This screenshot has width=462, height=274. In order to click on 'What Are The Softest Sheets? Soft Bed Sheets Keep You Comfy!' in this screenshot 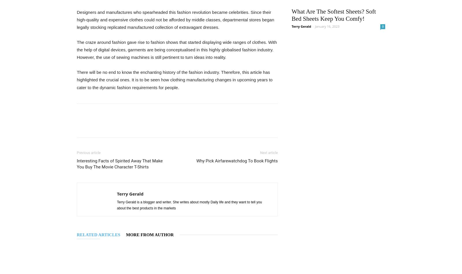, I will do `click(334, 15)`.